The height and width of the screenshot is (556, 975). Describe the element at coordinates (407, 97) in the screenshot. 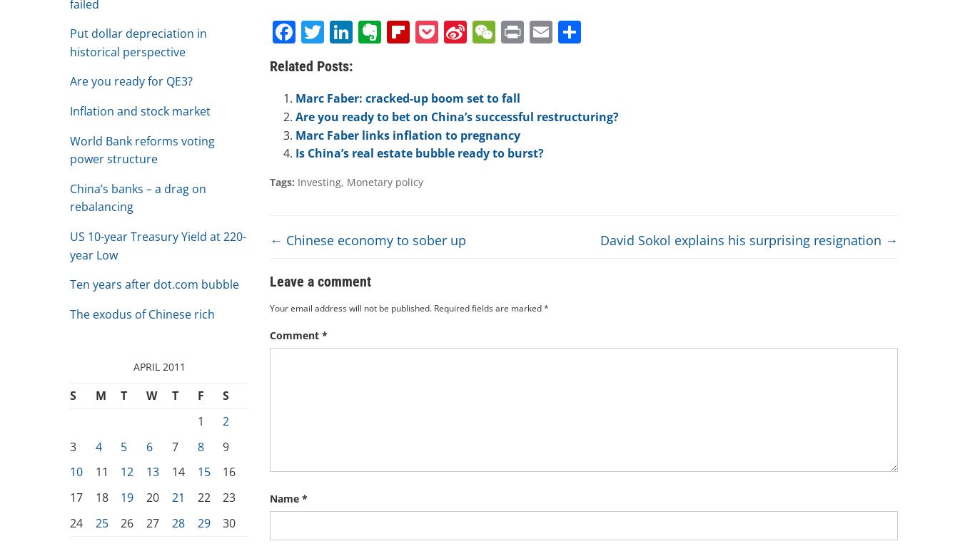

I see `'Marc Faber: cracked-up boom set to fall'` at that location.